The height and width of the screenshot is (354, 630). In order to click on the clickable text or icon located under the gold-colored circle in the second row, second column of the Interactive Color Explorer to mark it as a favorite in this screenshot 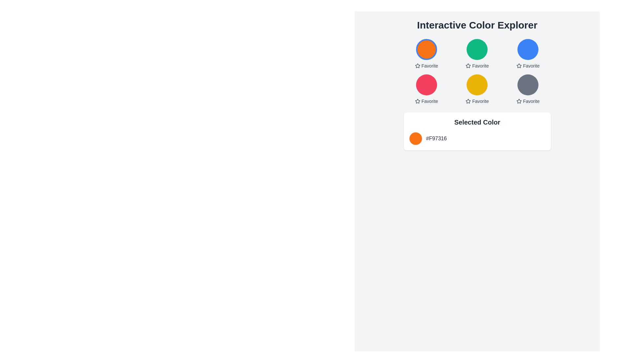, I will do `click(477, 101)`.